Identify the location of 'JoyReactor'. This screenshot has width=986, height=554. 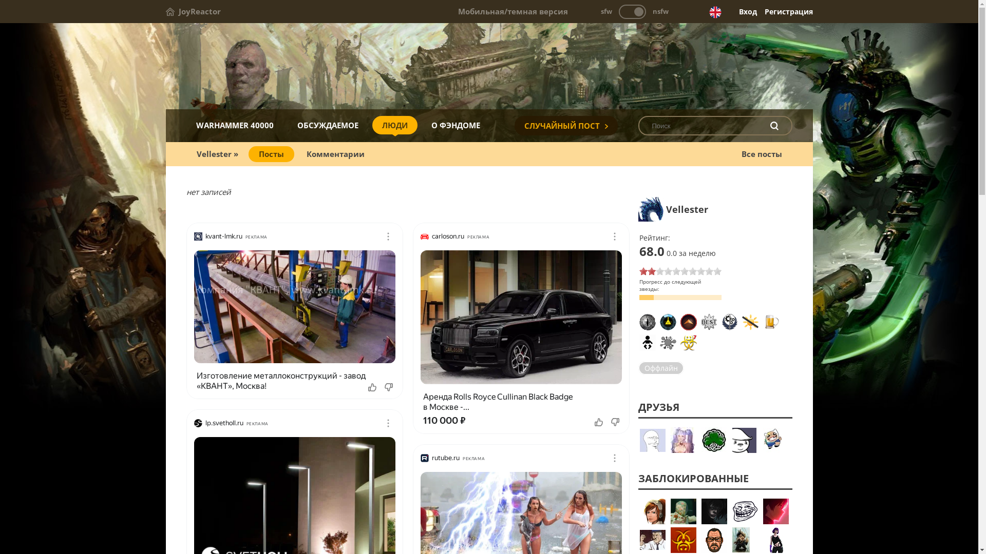
(193, 11).